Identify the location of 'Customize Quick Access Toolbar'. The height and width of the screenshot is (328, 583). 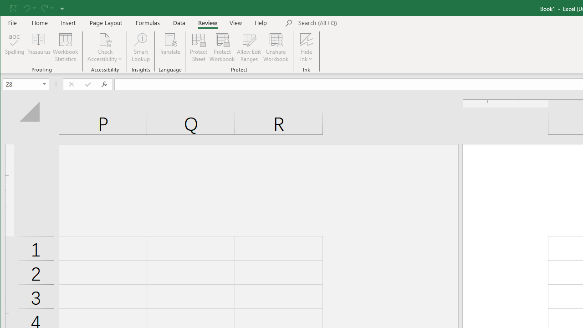
(61, 8).